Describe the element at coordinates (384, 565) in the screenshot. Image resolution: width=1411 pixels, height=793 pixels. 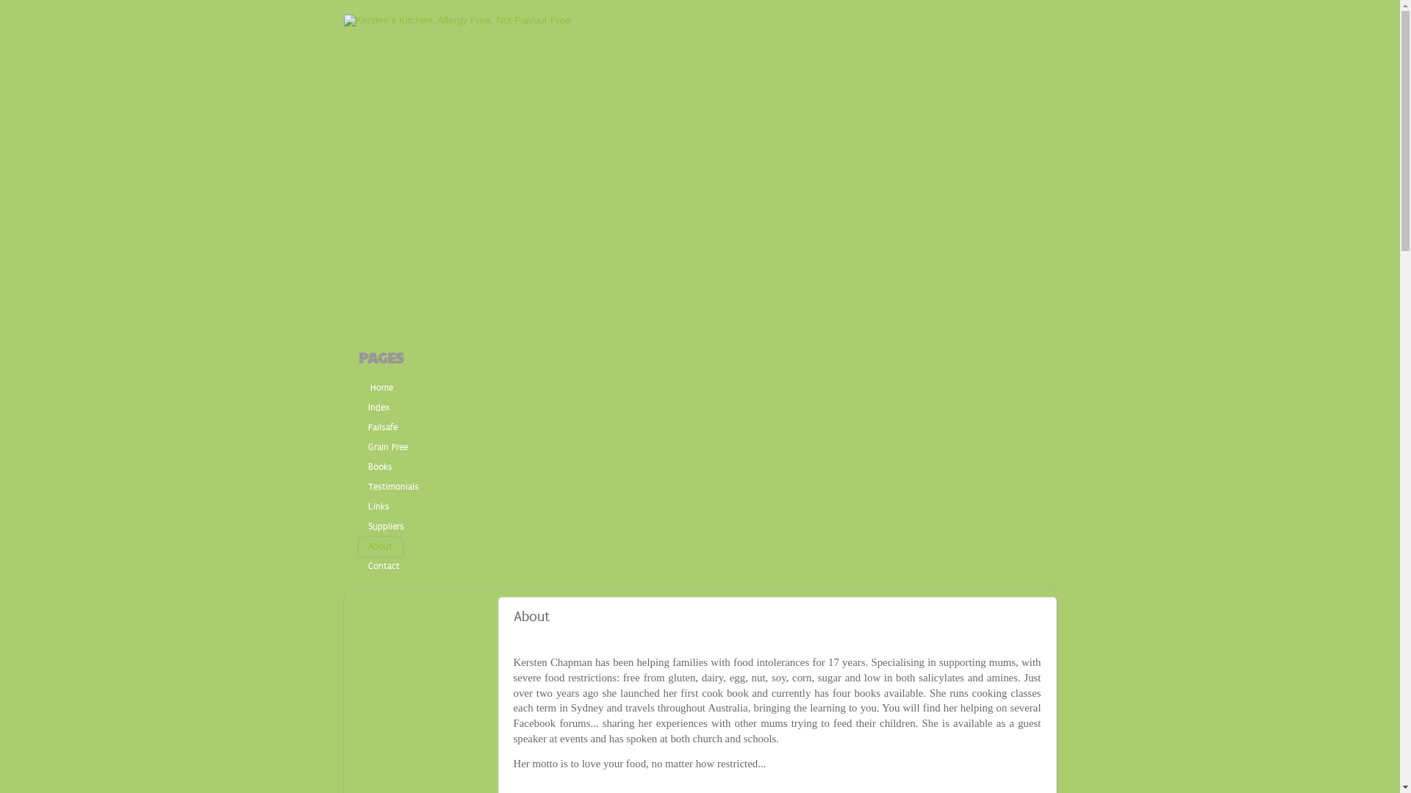
I see `'Contact'` at that location.